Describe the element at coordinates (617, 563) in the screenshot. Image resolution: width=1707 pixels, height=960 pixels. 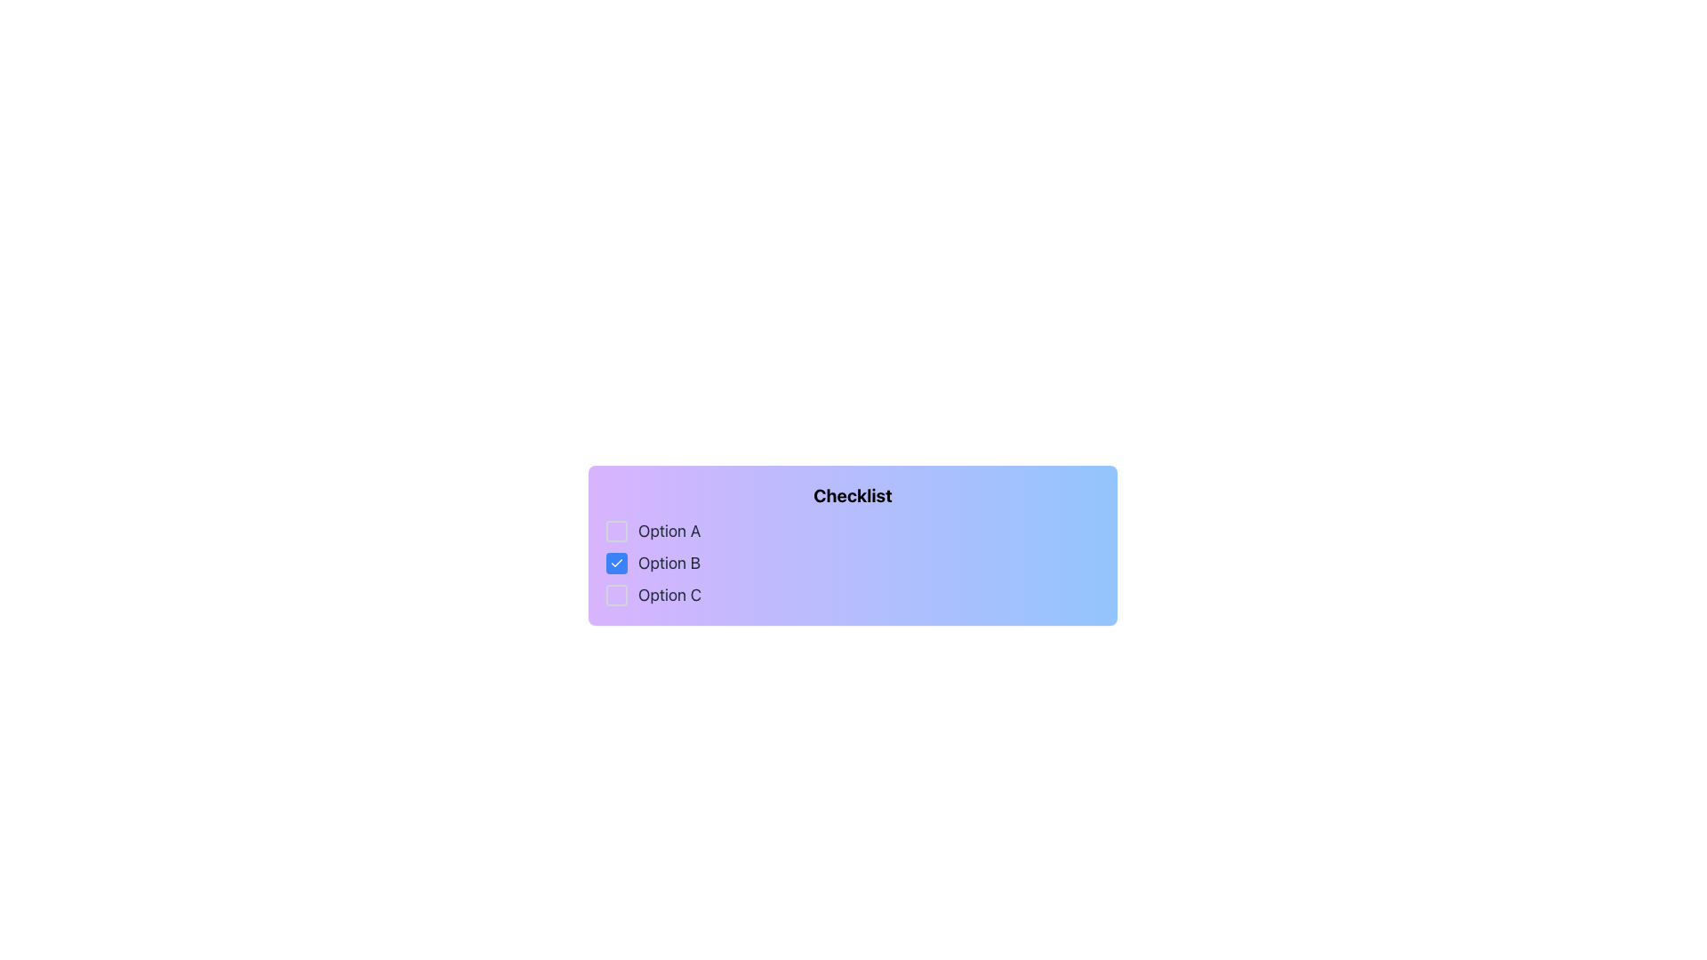
I see `the Checkmark icon in the checkbox associated with 'Option B', which visually indicates that this option is selected in the checklist` at that location.